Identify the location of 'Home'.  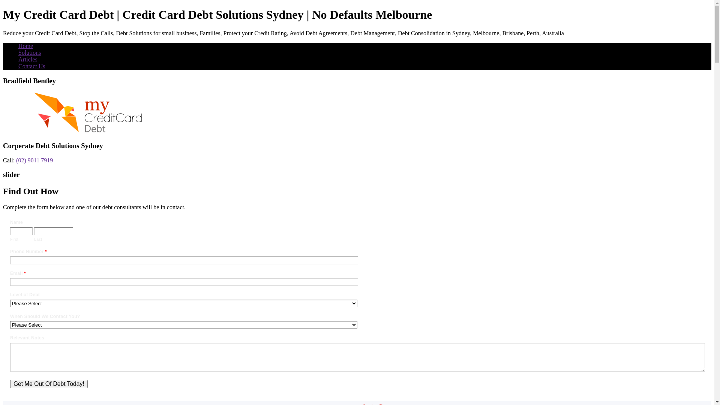
(25, 46).